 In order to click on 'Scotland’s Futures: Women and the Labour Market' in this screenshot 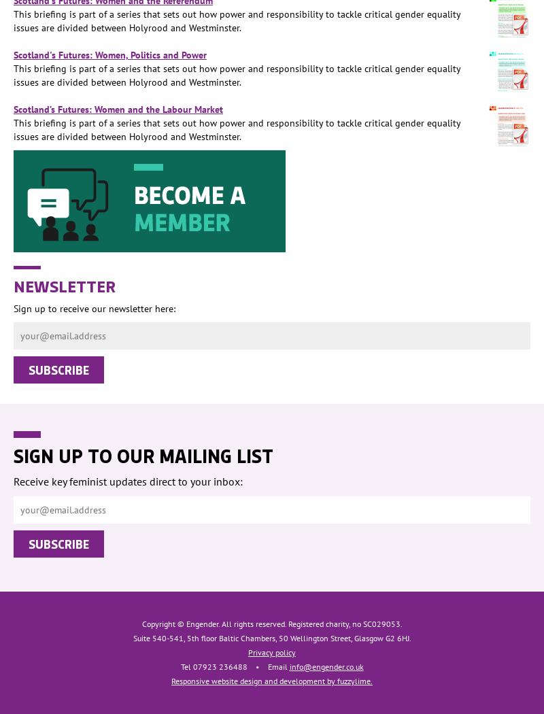, I will do `click(14, 109)`.